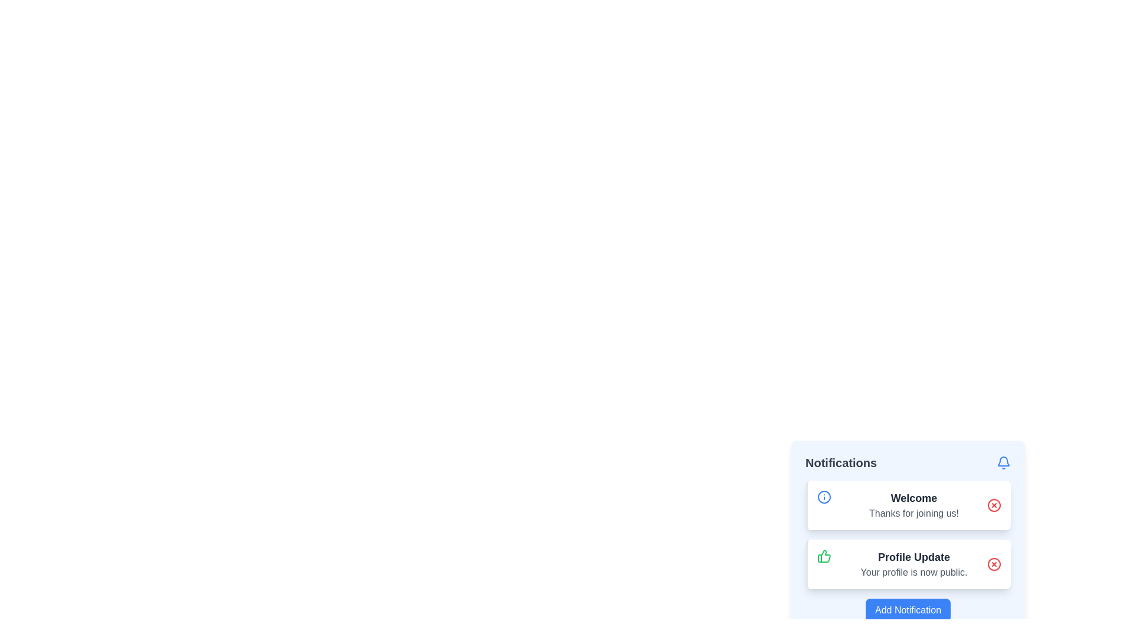 The image size is (1133, 637). Describe the element at coordinates (913, 498) in the screenshot. I see `text label located at the top of the first notification card that provides a welcoming message to the user` at that location.